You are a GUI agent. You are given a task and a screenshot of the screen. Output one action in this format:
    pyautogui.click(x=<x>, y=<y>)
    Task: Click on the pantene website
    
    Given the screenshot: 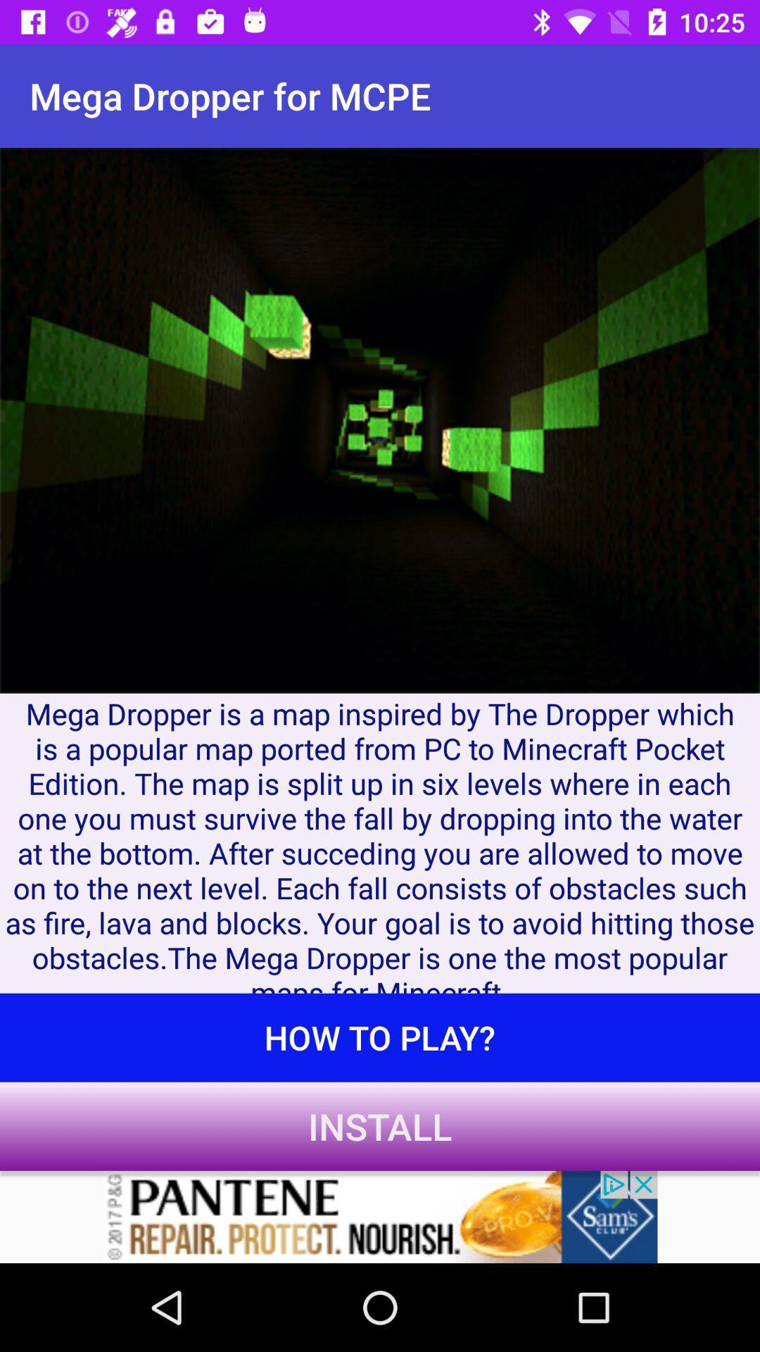 What is the action you would take?
    pyautogui.click(x=380, y=1216)
    